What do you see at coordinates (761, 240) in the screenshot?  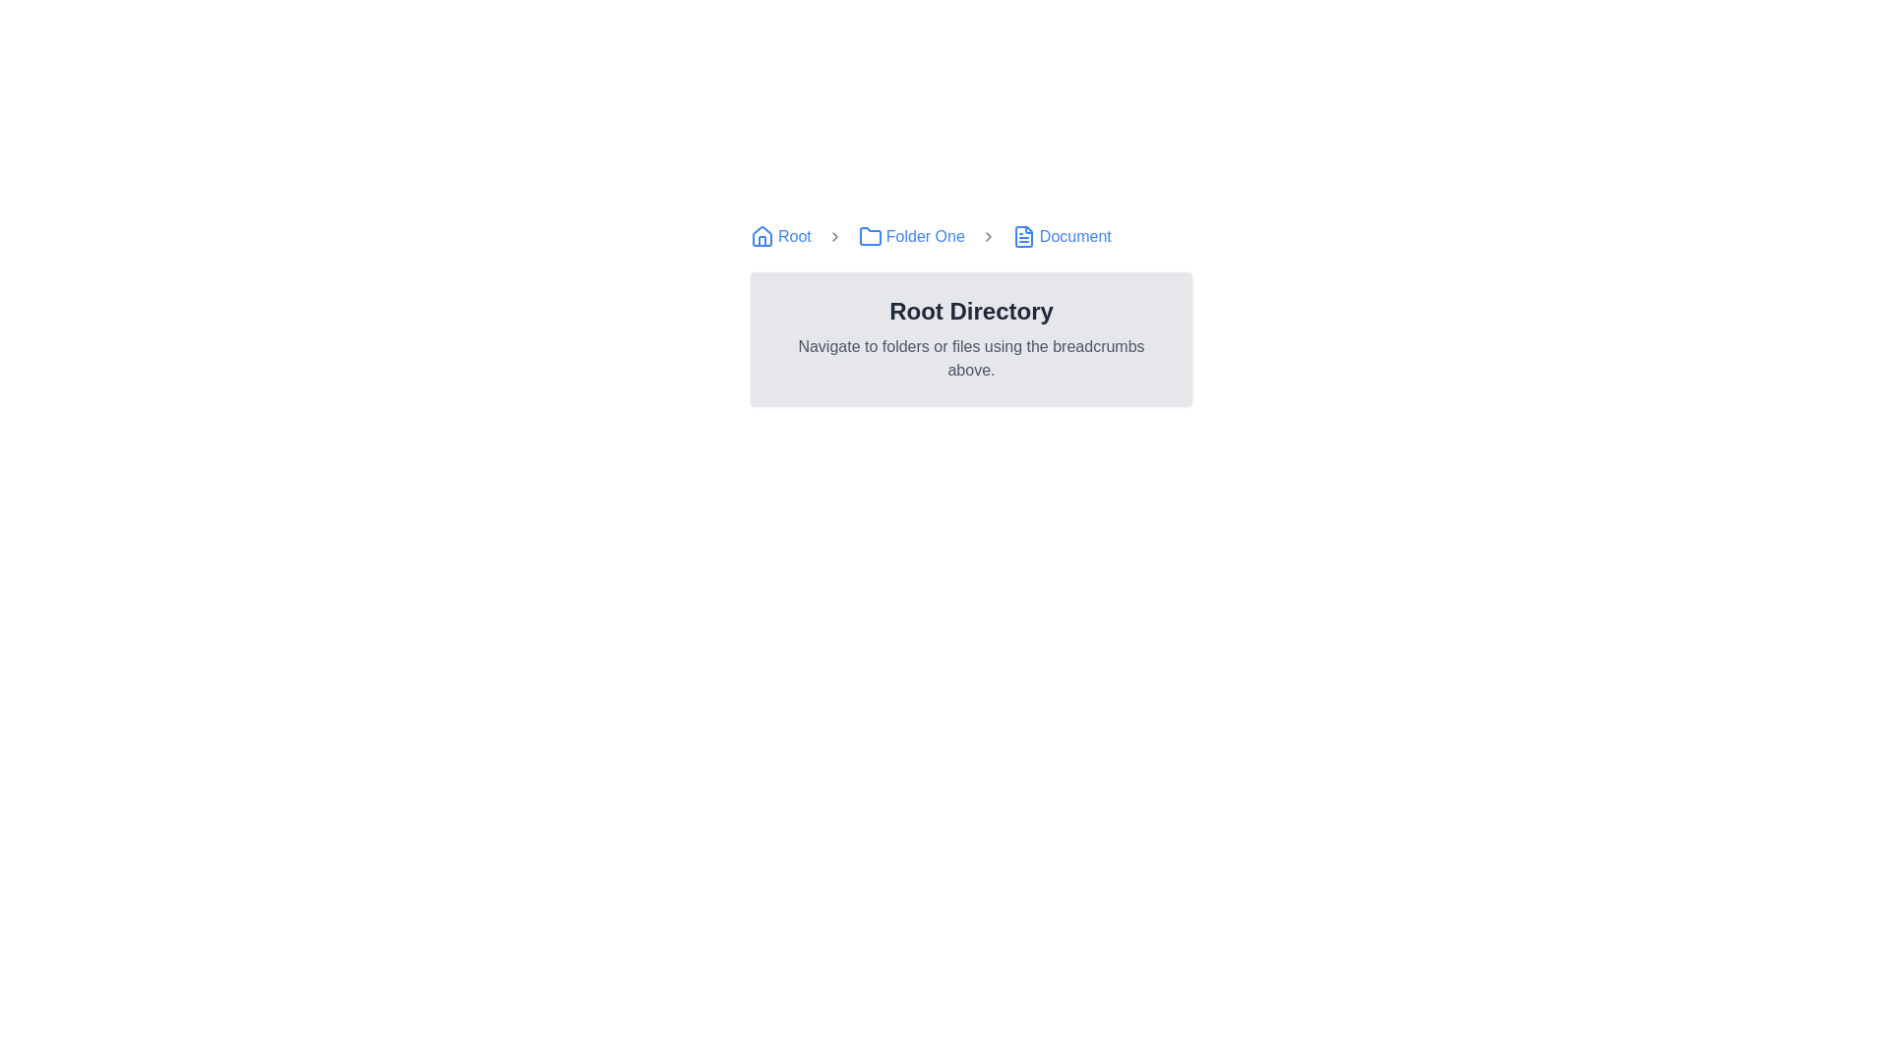 I see `the vertical rectangular shape that represents the door of the house icon located at the far-left of the breadcrumb navigation bar, preceding the text labeled 'Root'` at bounding box center [761, 240].